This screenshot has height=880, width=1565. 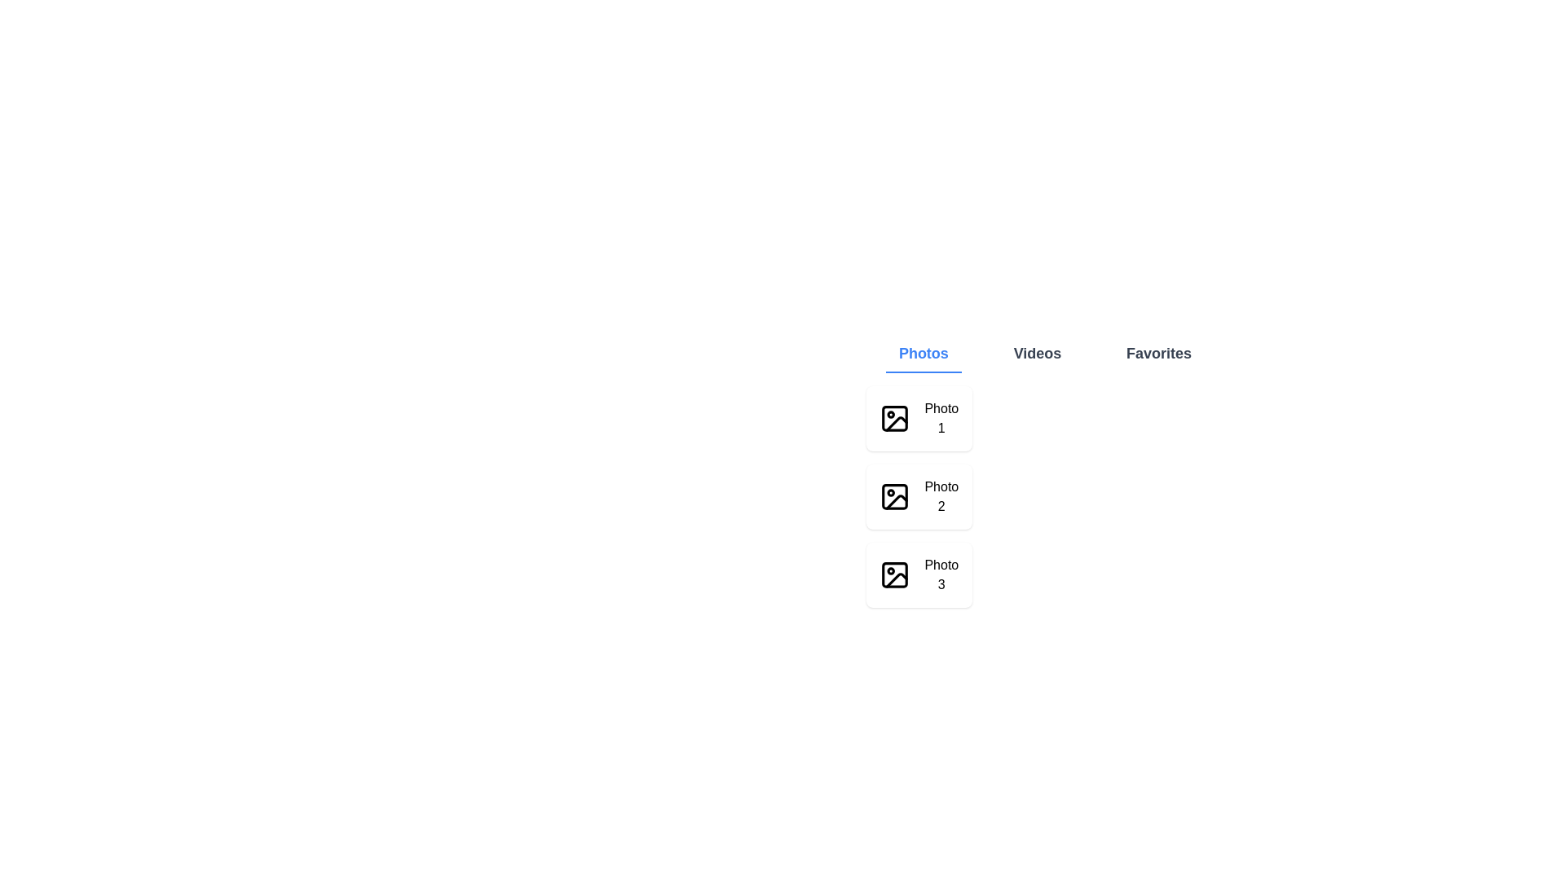 I want to click on the 'Favorites' navigation tab to change its color, so click(x=1158, y=354).